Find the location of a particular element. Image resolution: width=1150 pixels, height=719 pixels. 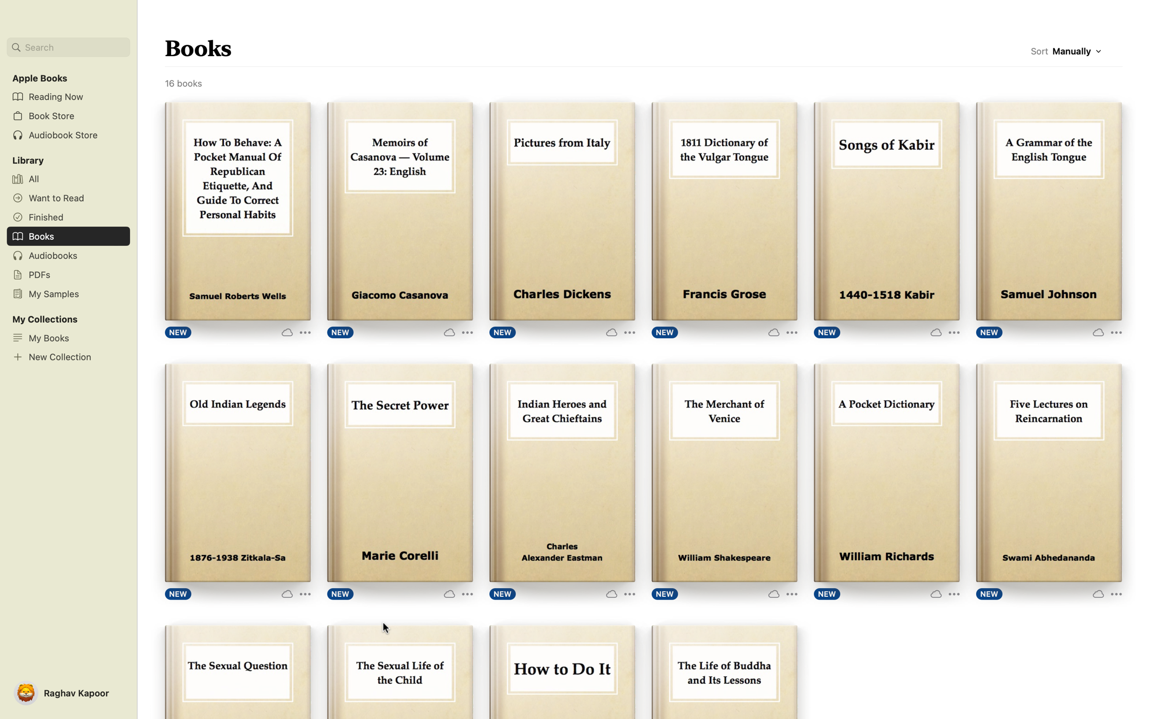

Activate the "More Options" button for the book "Indian Heroes" is located at coordinates (619, 593).